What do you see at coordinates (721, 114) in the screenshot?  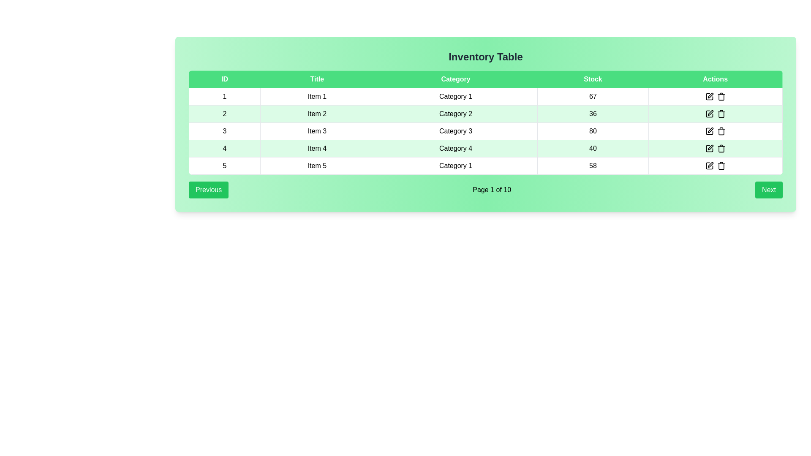 I see `the trash can icon located in the 'Actions' column of the second row in the table` at bounding box center [721, 114].